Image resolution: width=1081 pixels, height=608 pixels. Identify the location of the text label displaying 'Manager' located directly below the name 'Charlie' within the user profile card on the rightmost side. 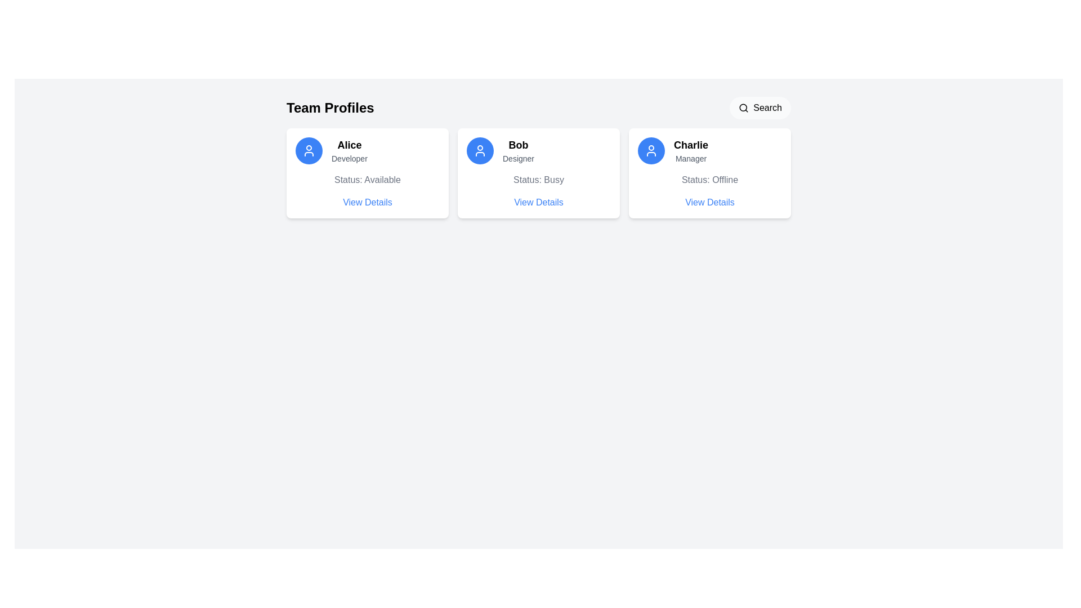
(690, 158).